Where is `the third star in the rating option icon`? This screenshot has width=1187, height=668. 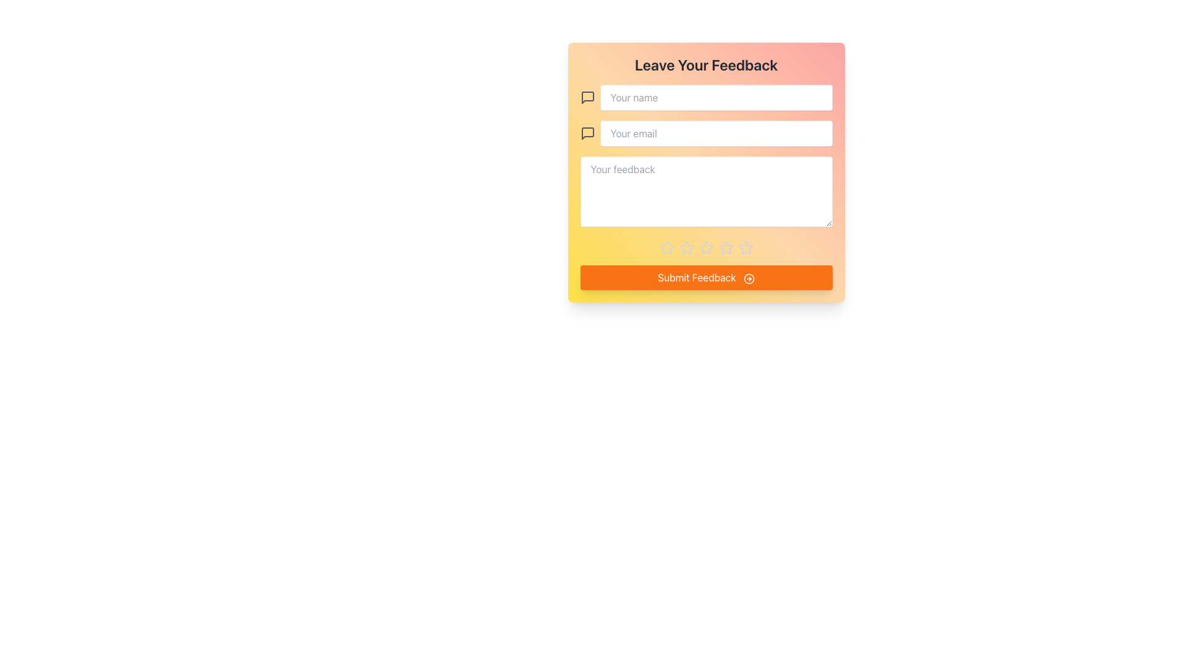 the third star in the rating option icon is located at coordinates (706, 248).